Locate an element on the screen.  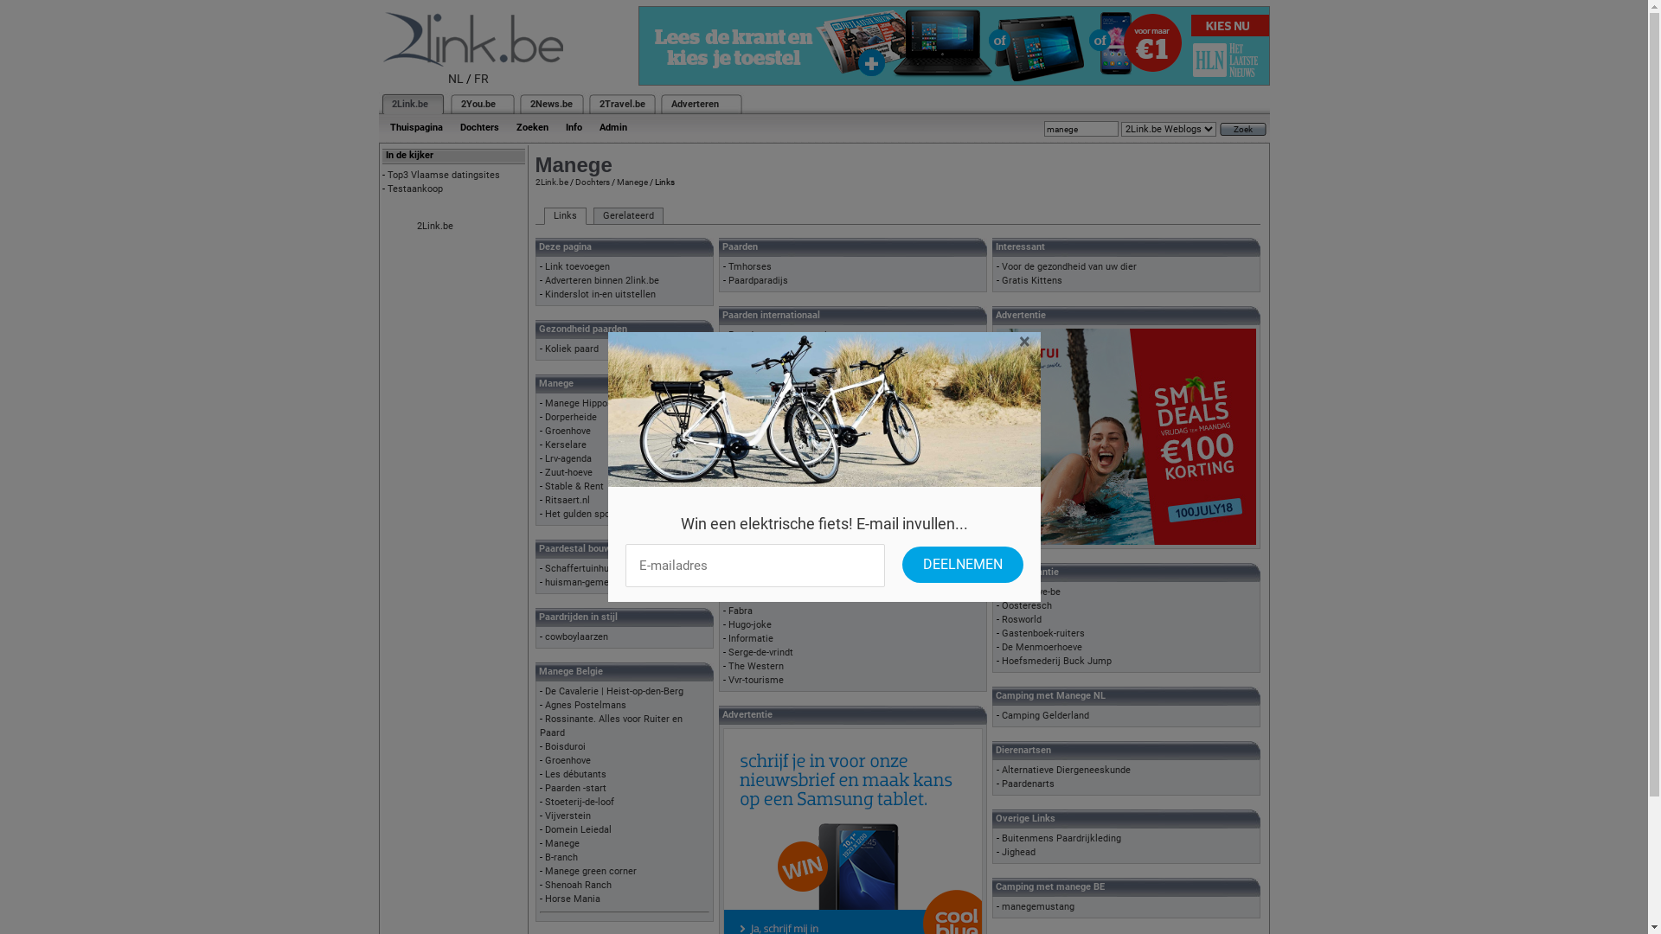
'B-ranch' is located at coordinates (561, 857).